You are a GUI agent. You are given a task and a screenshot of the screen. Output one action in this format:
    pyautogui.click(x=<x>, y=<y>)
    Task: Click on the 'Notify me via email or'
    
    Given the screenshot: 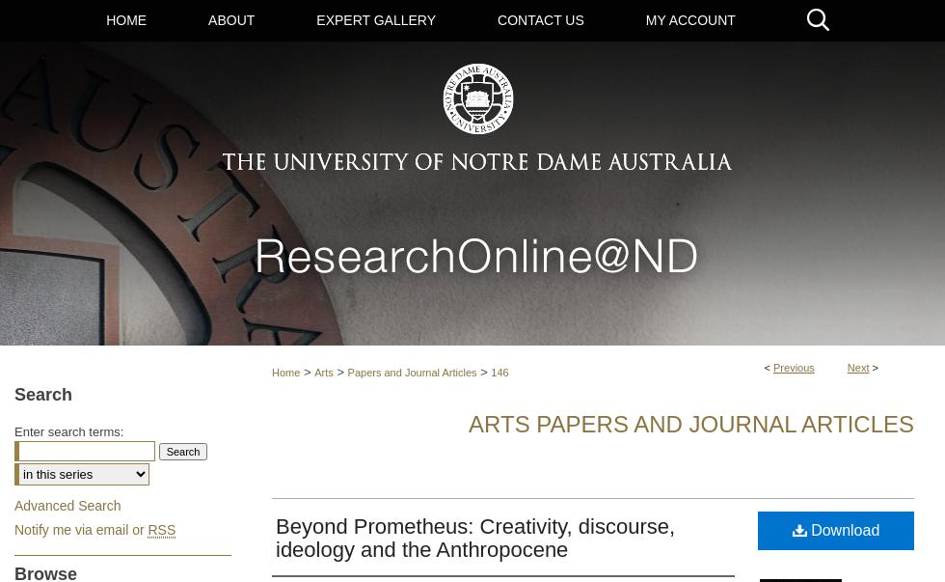 What is the action you would take?
    pyautogui.click(x=13, y=528)
    